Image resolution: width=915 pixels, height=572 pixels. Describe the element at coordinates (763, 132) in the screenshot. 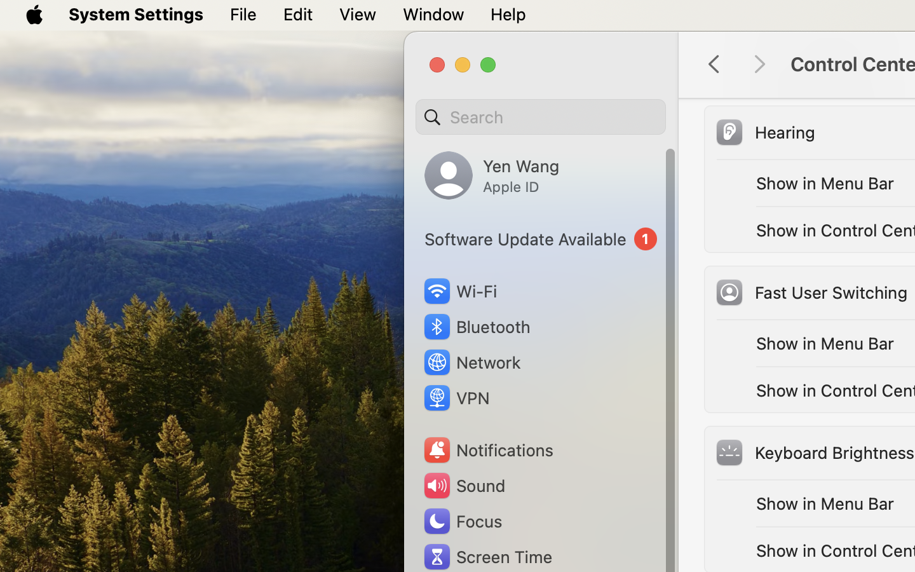

I see `'Hearing'` at that location.